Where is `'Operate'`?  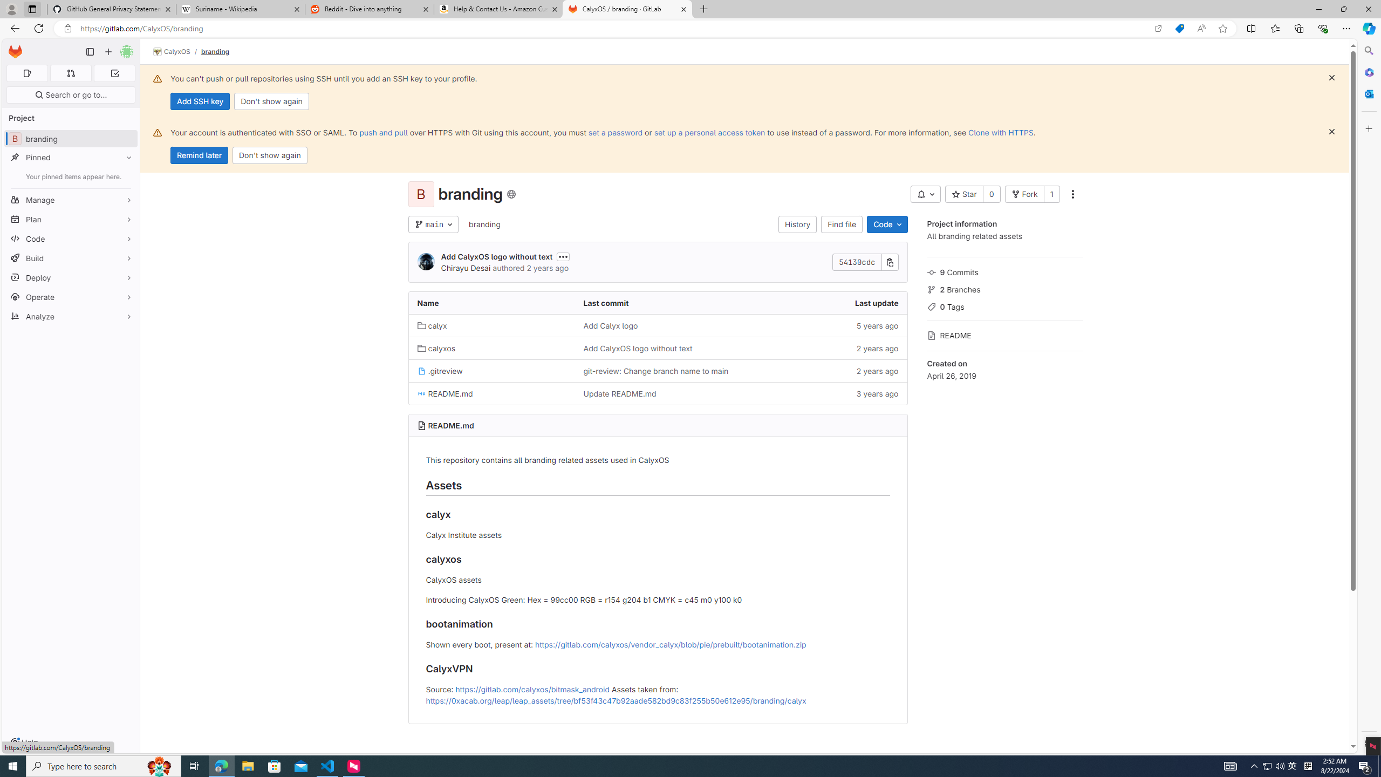 'Operate' is located at coordinates (70, 296).